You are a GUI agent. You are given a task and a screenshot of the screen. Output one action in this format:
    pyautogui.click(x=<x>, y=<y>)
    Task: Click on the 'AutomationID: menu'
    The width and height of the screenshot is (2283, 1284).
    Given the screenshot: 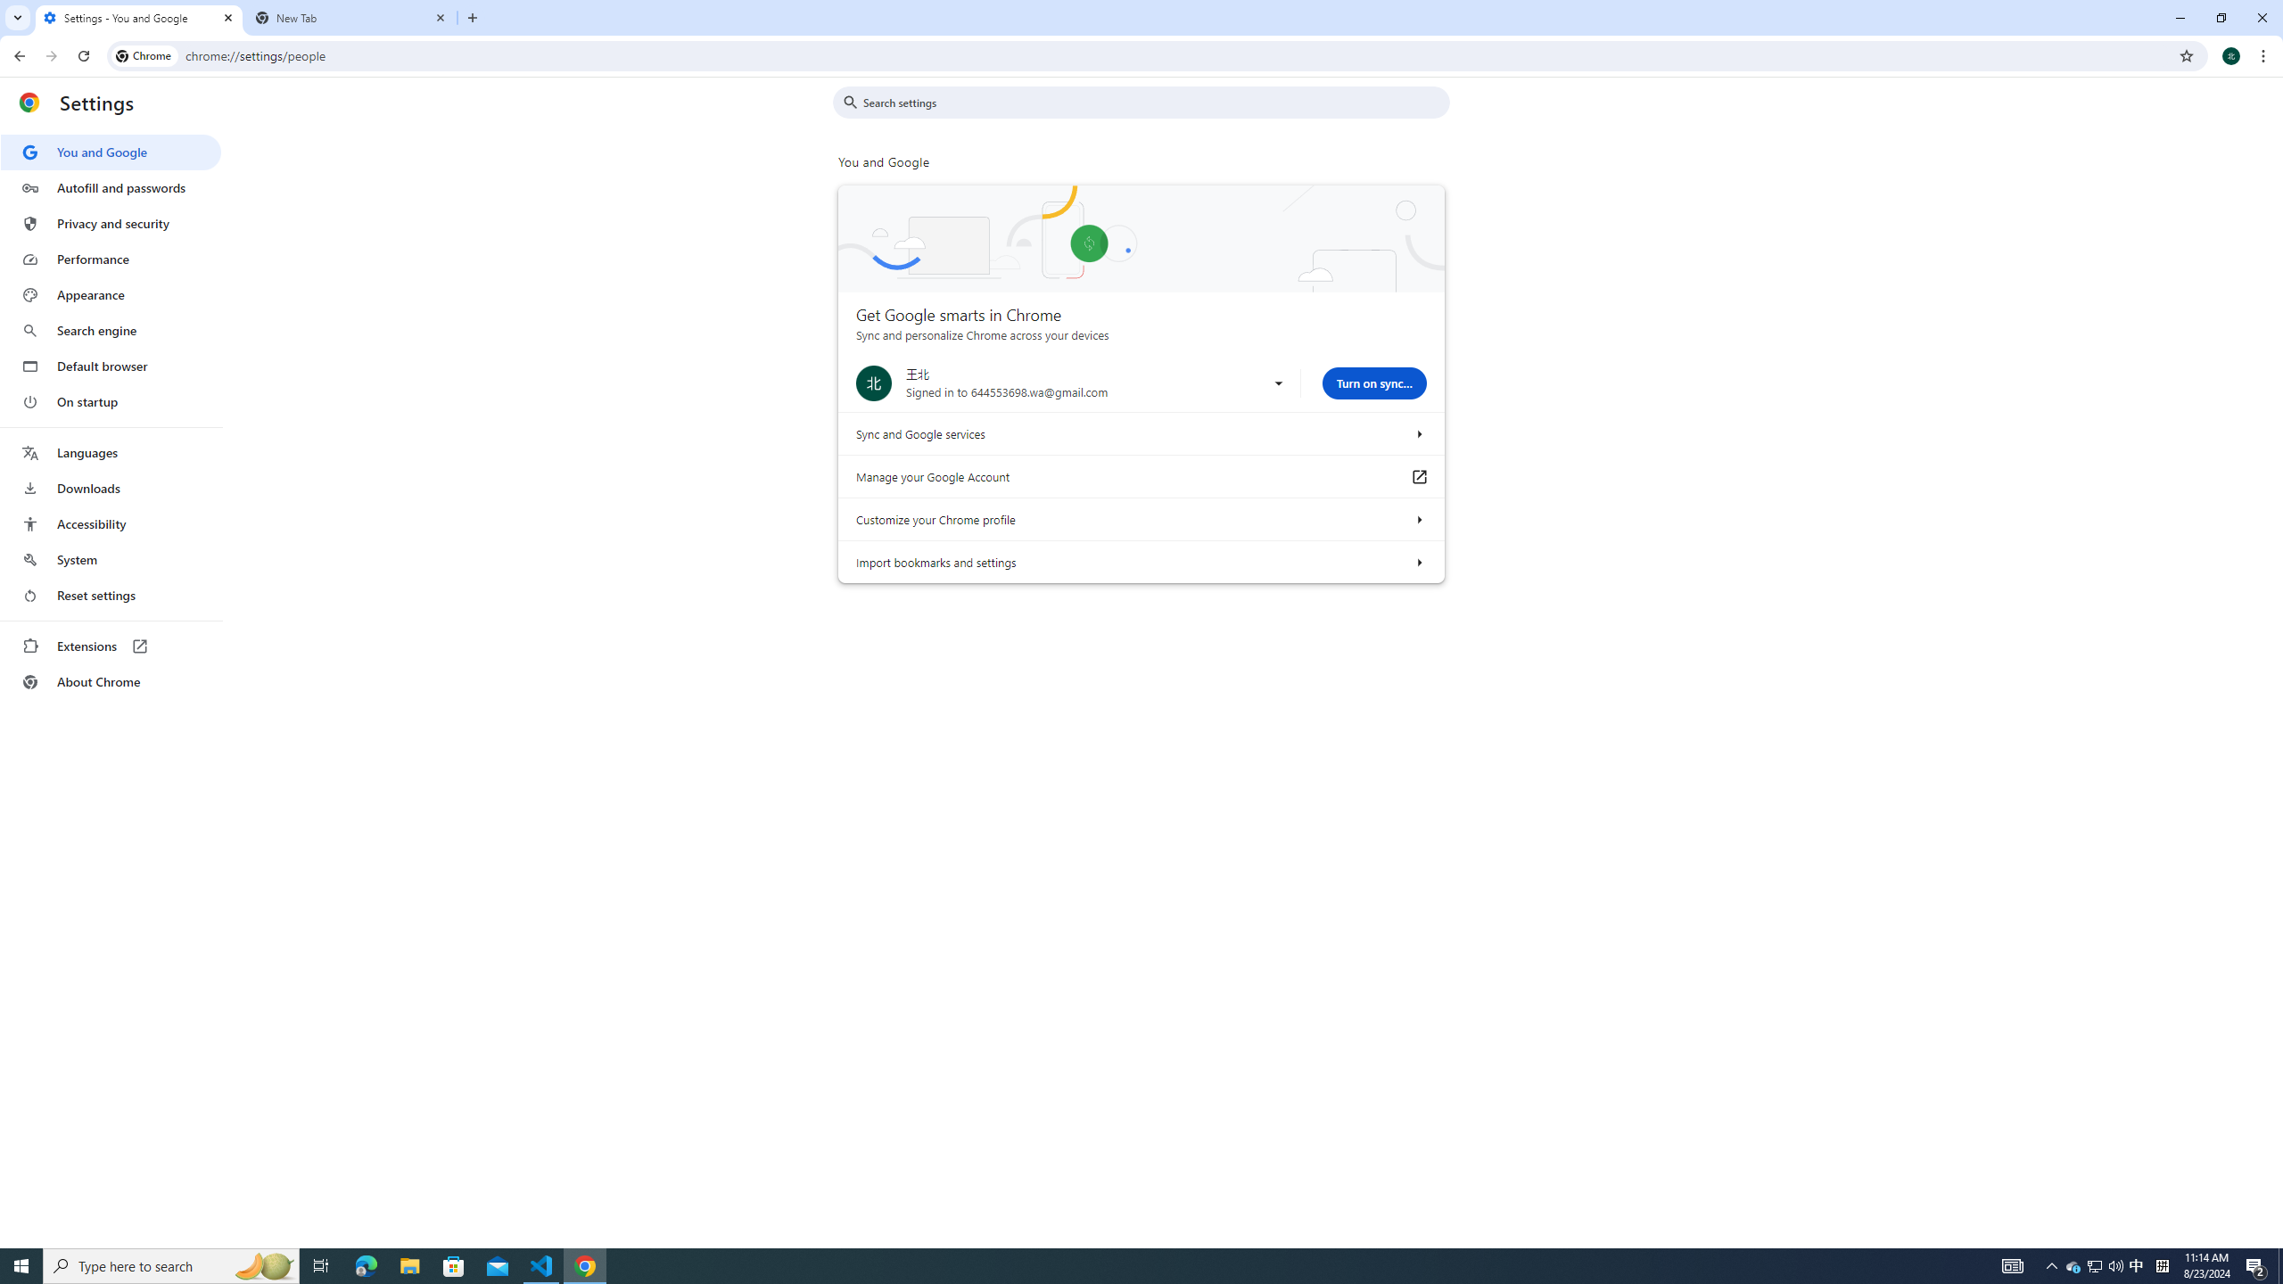 What is the action you would take?
    pyautogui.click(x=111, y=416)
    